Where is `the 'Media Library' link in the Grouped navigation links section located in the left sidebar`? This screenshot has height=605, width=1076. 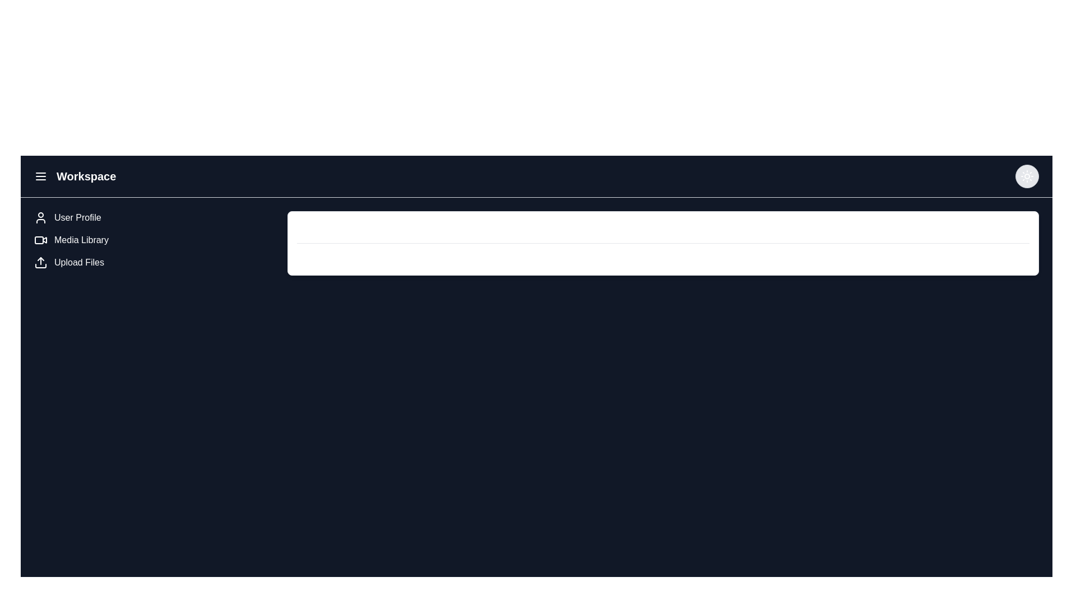 the 'Media Library' link in the Grouped navigation links section located in the left sidebar is located at coordinates (156, 243).